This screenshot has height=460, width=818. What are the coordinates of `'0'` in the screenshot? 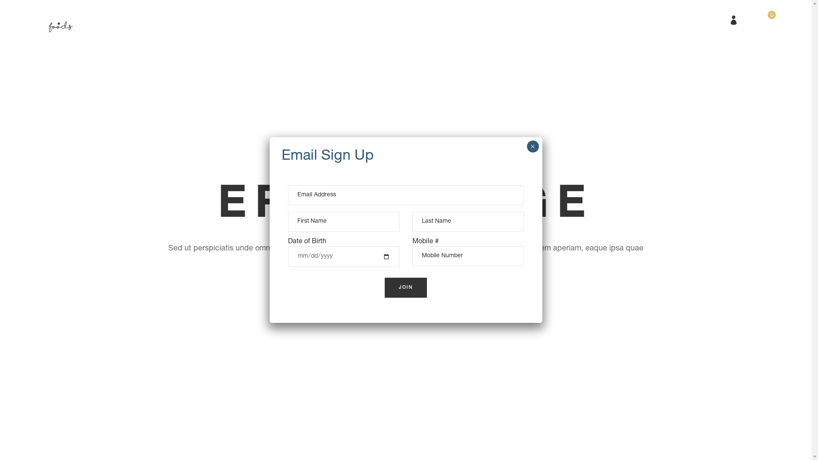 It's located at (766, 19).